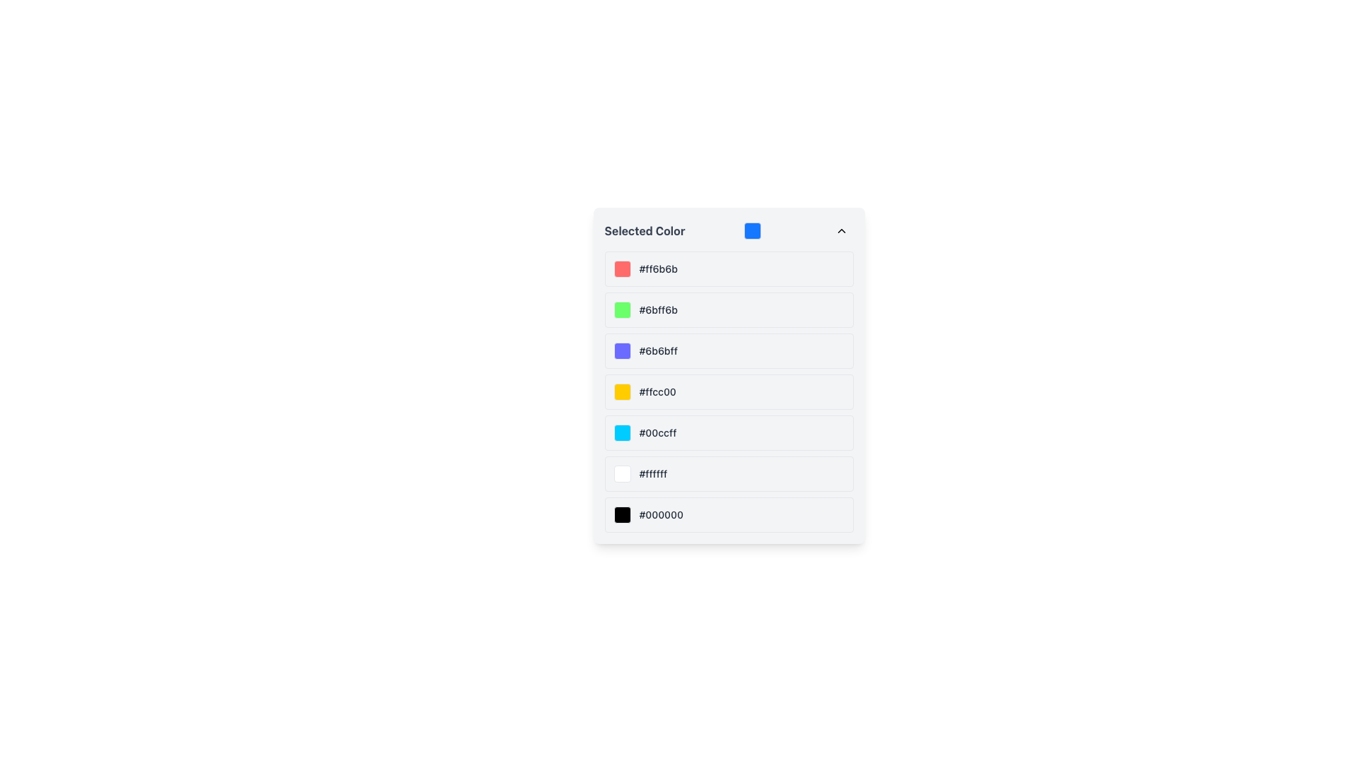 The width and height of the screenshot is (1357, 763). I want to click on the button-like interactive selector, so click(729, 309).